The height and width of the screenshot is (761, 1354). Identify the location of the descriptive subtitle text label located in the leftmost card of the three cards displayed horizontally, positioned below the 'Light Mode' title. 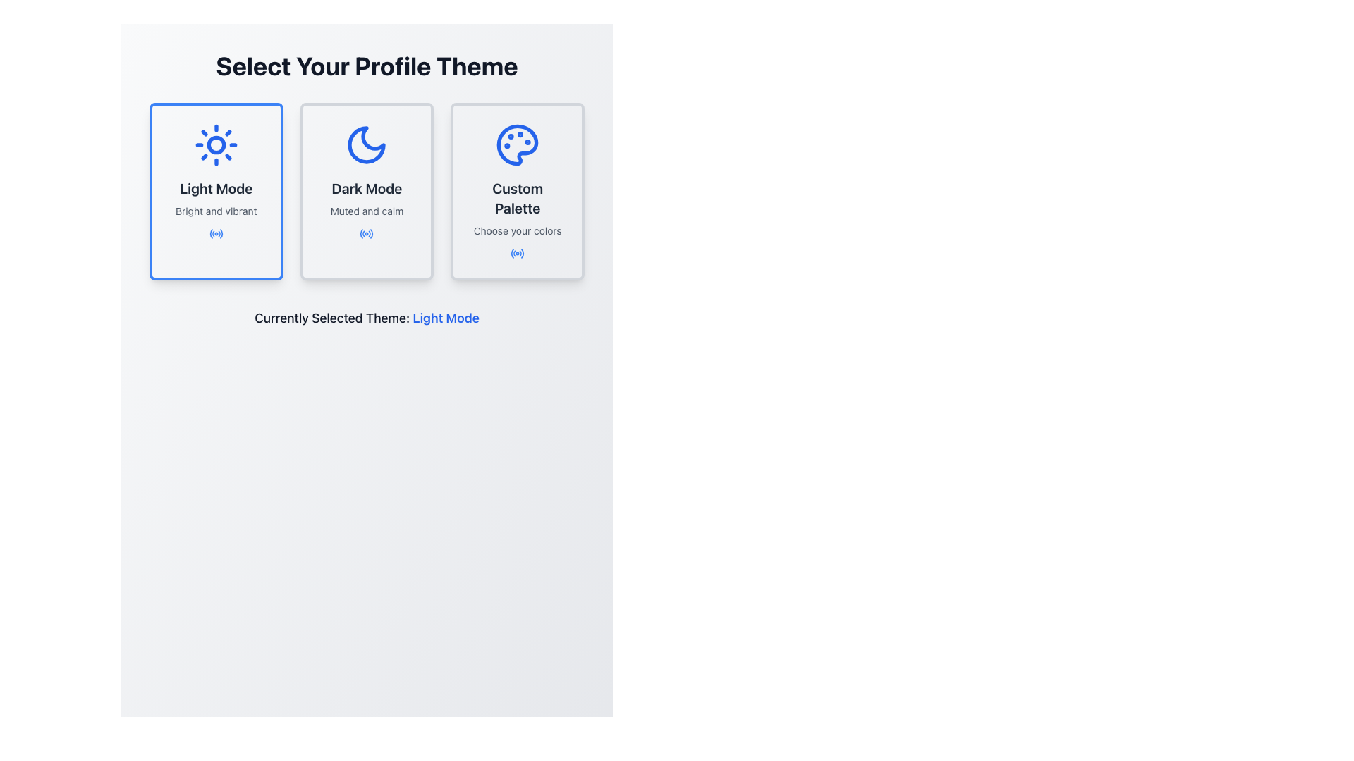
(215, 211).